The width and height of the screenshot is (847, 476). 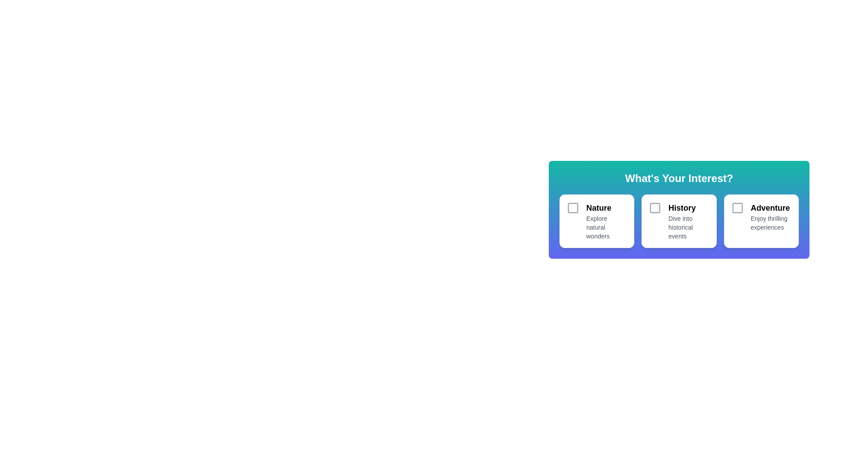 What do you see at coordinates (770, 220) in the screenshot?
I see `information presented in the text block that serves as a label and description for a selectable option related to adventure activities, located in the rightmost box under the heading 'What's Your Interest?'` at bounding box center [770, 220].